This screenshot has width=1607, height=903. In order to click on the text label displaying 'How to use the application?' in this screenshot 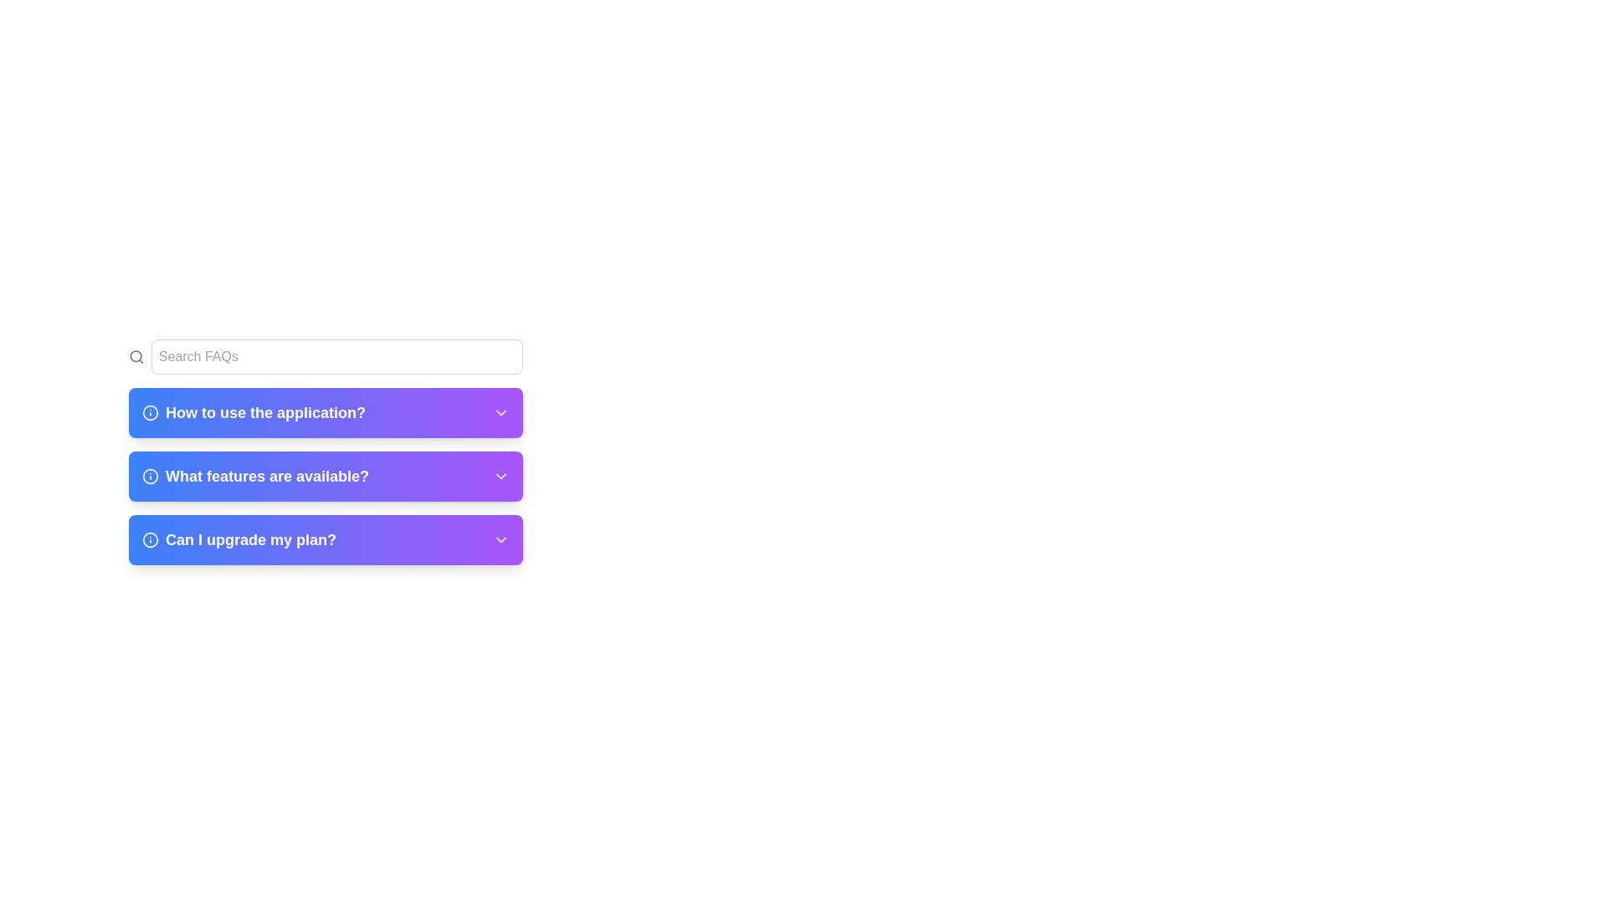, I will do `click(264, 412)`.